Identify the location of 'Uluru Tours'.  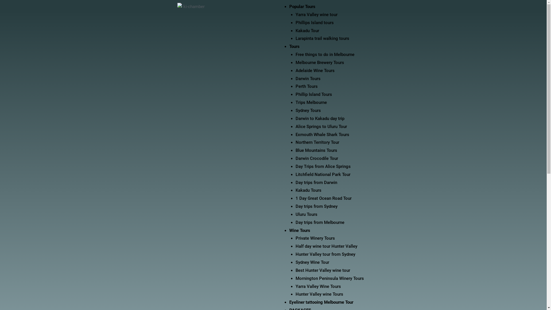
(306, 214).